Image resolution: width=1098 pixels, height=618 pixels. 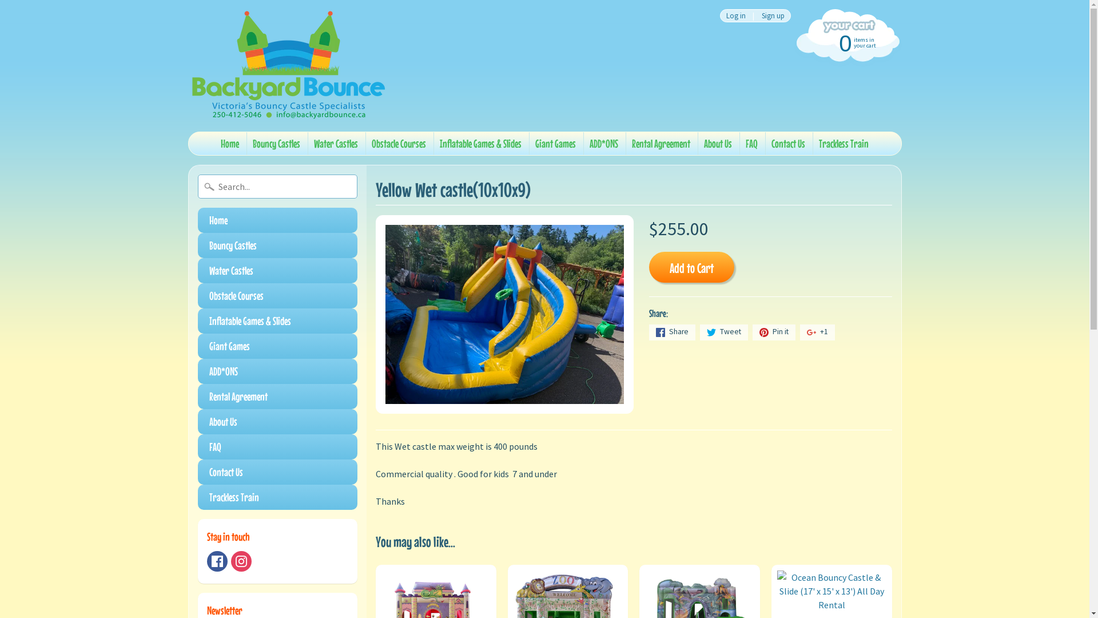 I want to click on 'Backyard Bounce', so click(x=288, y=66).